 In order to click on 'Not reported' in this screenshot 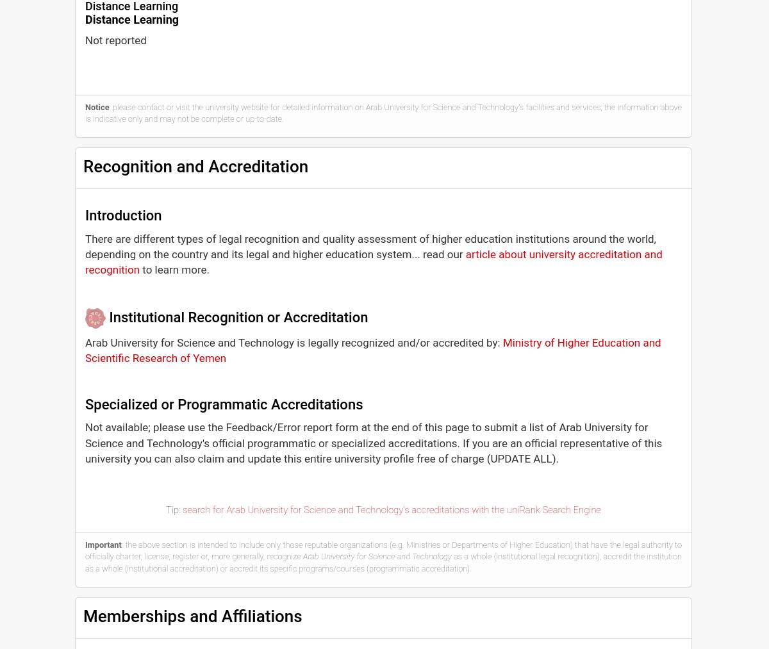, I will do `click(115, 38)`.